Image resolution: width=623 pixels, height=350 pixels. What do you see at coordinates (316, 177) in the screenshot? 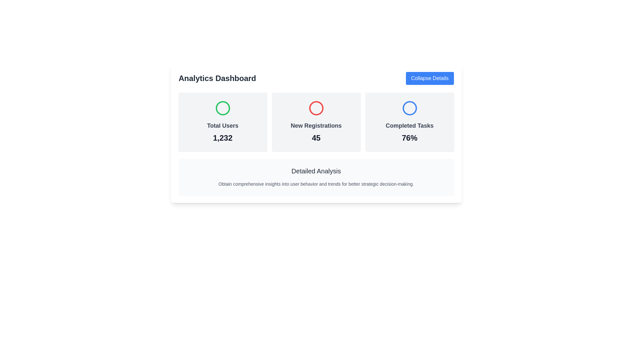
I see `the Informational Content Box that provides explanatory information about the analytics, located below the row of statistics boxes in the Analytics Dashboard` at bounding box center [316, 177].